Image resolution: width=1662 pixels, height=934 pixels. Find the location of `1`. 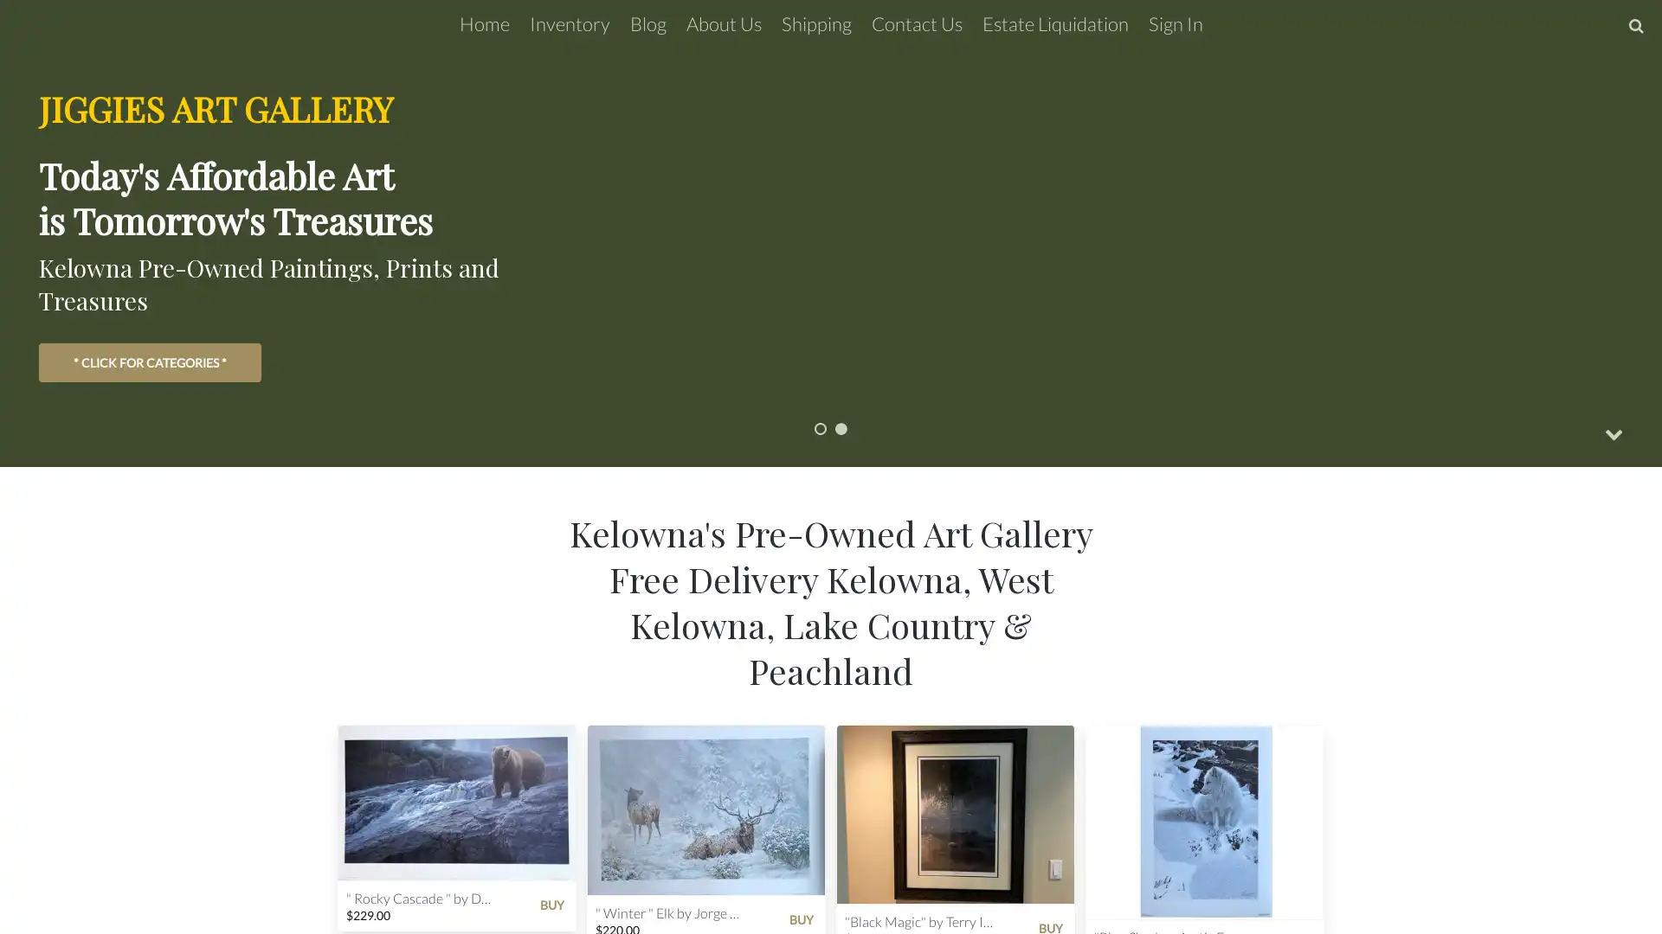

1 is located at coordinates (820, 428).